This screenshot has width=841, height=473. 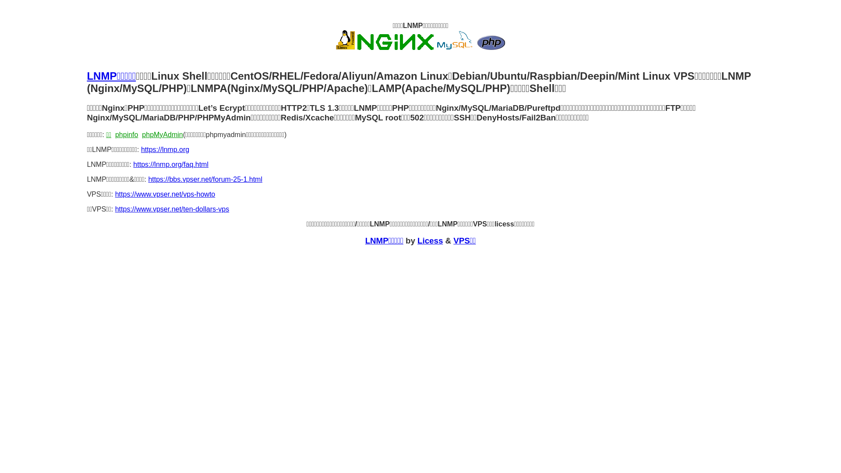 I want to click on 'Licess', so click(x=417, y=240).